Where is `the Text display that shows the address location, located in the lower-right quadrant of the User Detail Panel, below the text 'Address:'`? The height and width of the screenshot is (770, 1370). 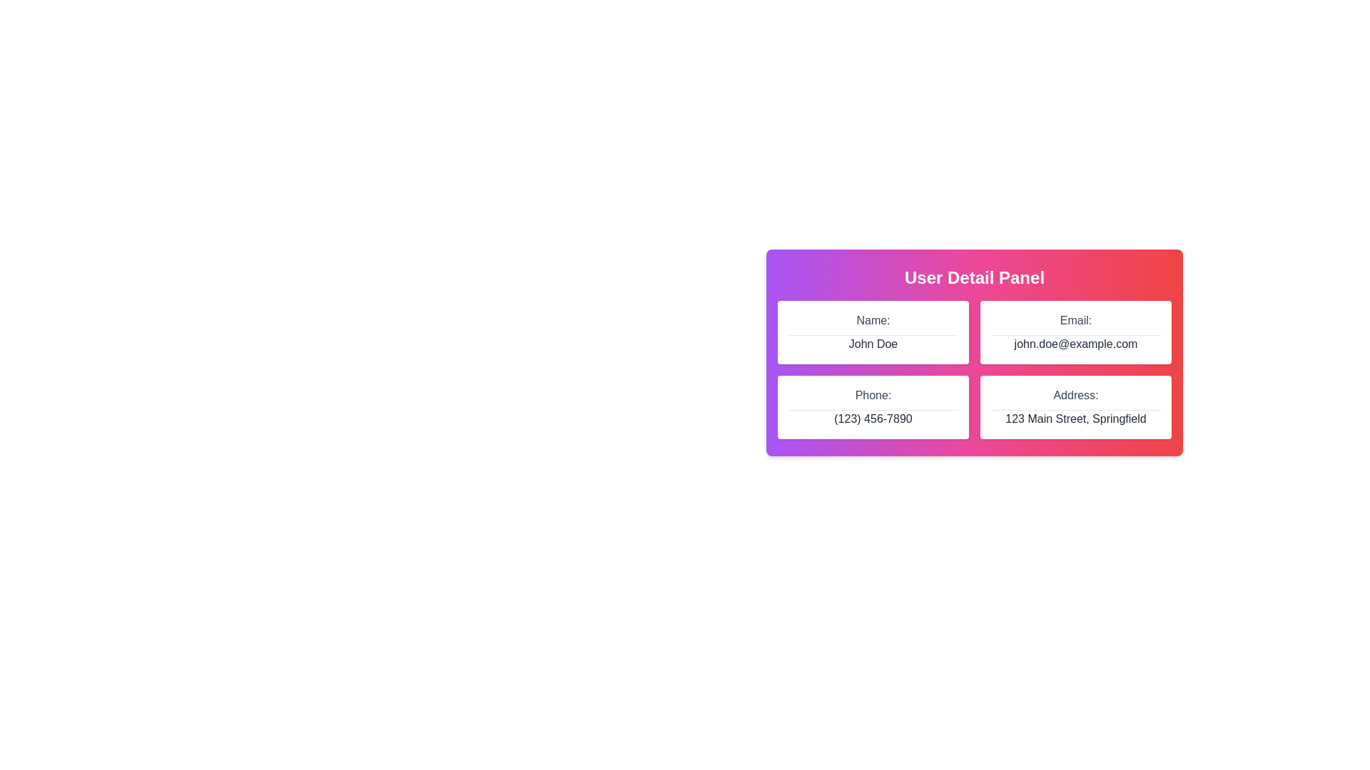 the Text display that shows the address location, located in the lower-right quadrant of the User Detail Panel, below the text 'Address:' is located at coordinates (1075, 418).